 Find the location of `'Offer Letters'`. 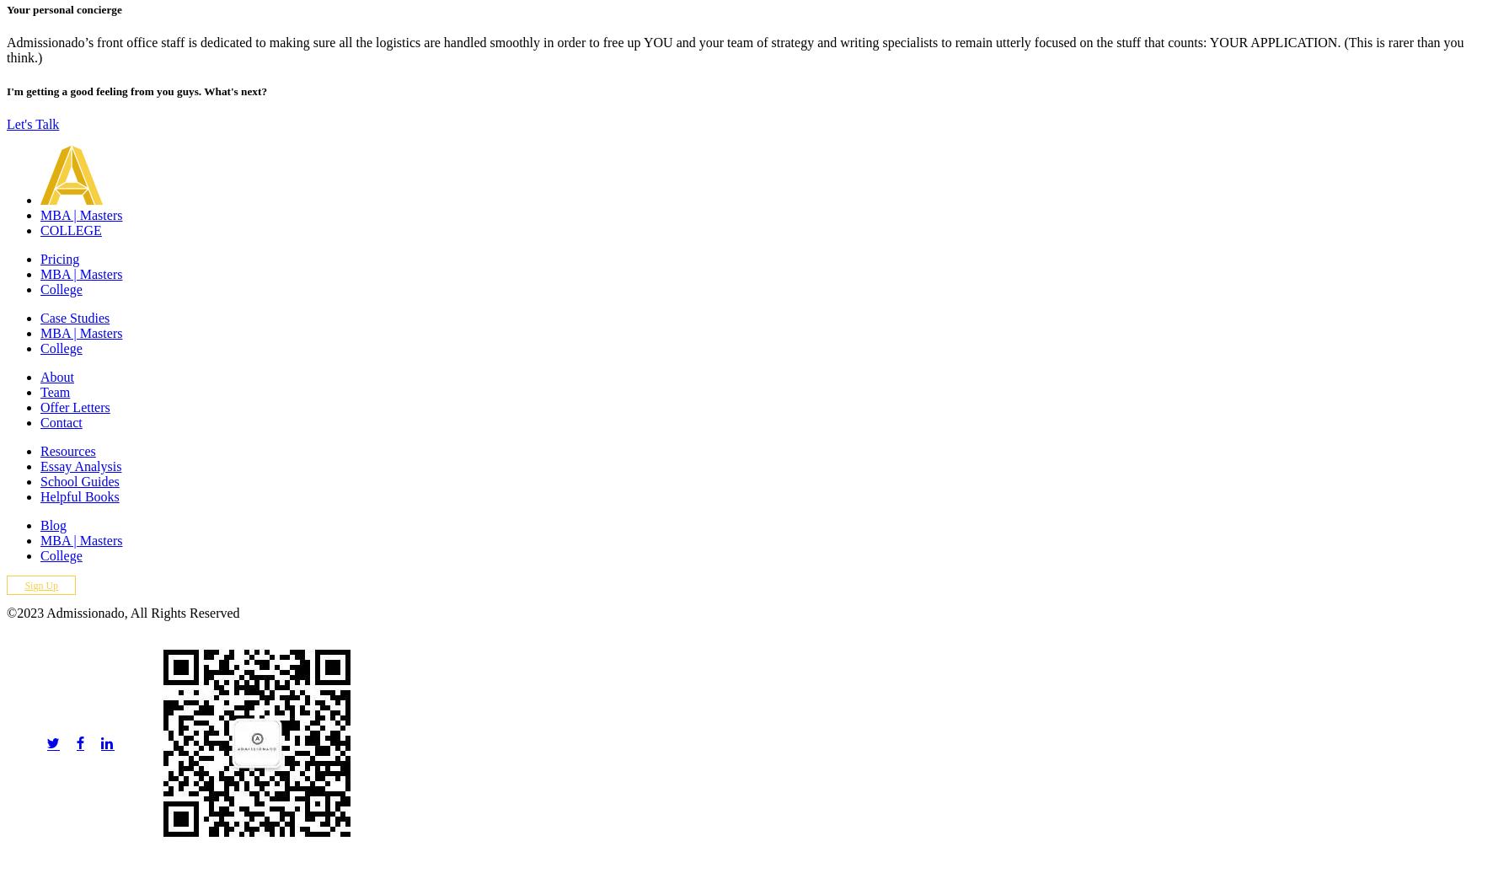

'Offer Letters' is located at coordinates (73, 406).